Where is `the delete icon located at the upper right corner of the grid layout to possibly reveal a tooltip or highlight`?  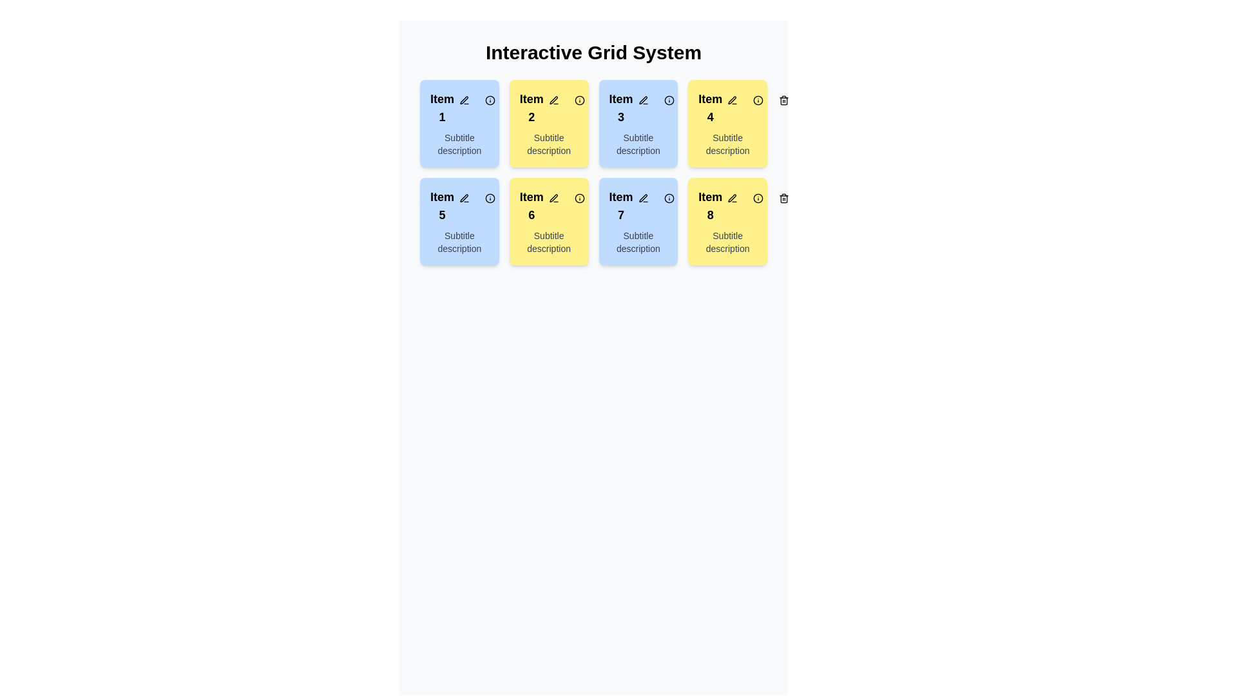
the delete icon located at the upper right corner of the grid layout to possibly reveal a tooltip or highlight is located at coordinates (783, 198).